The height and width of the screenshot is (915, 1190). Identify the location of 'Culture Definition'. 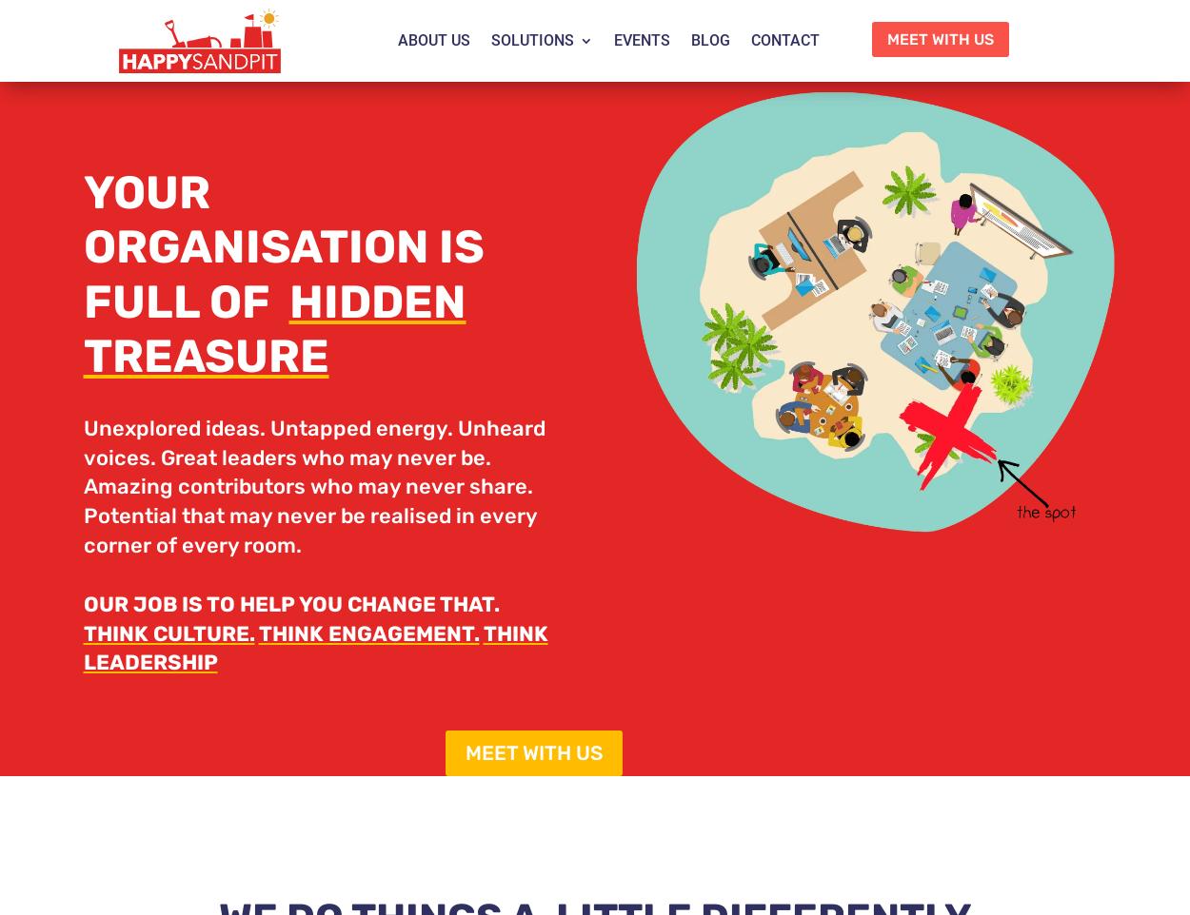
(592, 305).